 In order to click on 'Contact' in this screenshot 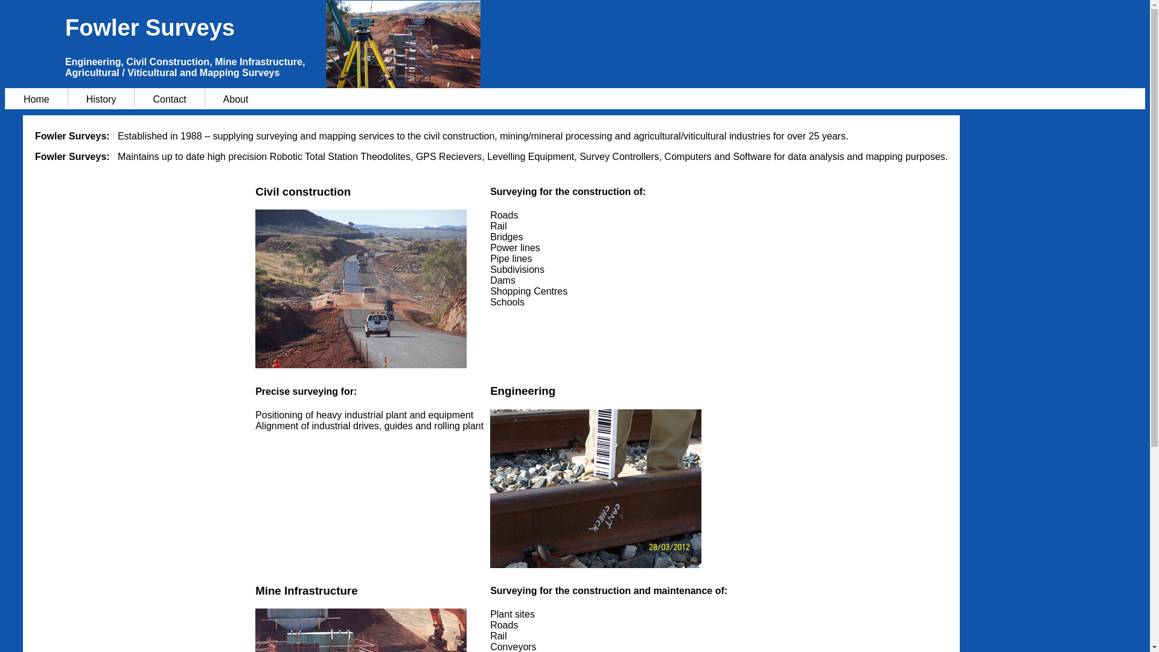, I will do `click(168, 97)`.